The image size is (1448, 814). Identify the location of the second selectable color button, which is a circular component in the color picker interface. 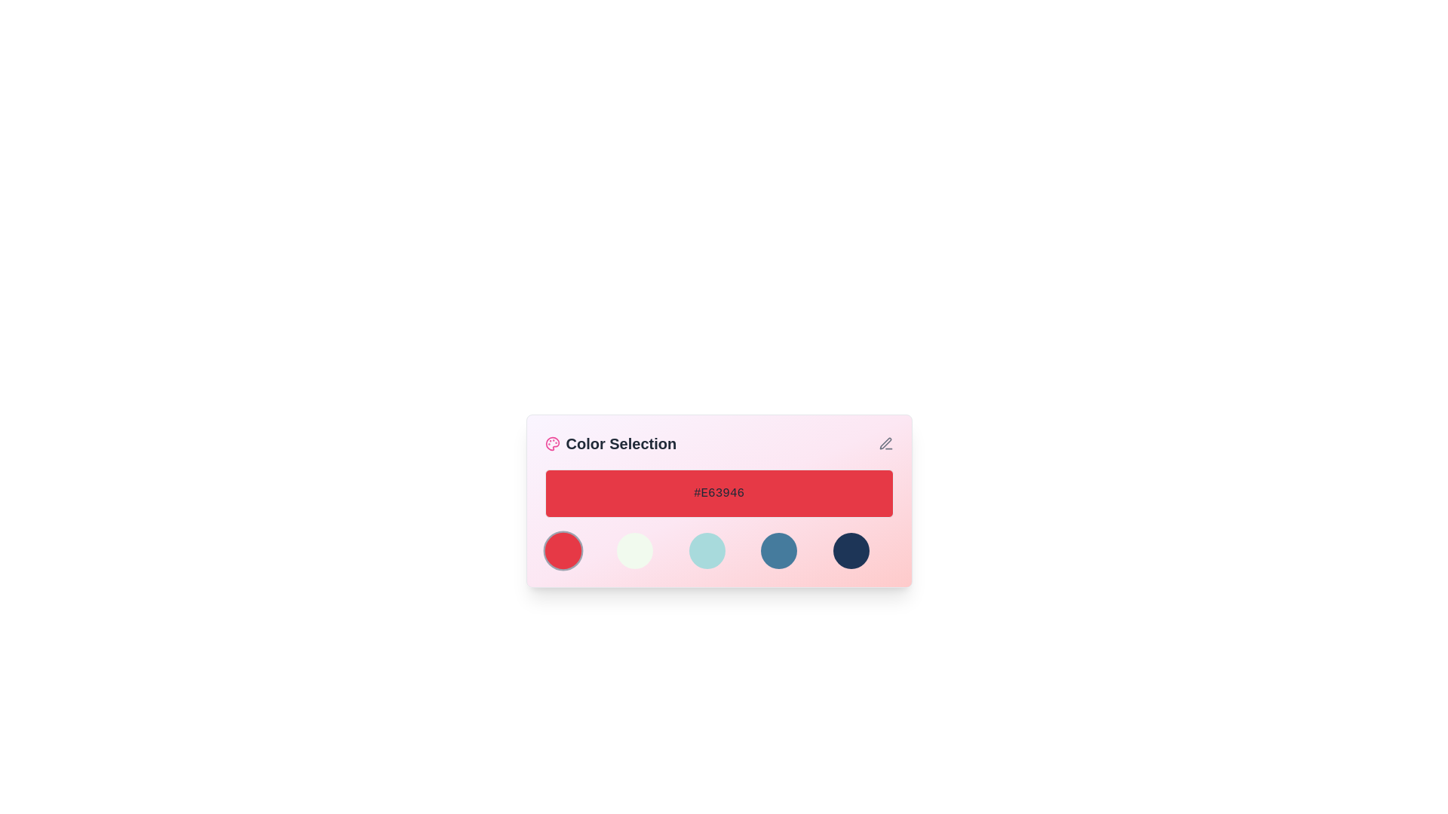
(635, 551).